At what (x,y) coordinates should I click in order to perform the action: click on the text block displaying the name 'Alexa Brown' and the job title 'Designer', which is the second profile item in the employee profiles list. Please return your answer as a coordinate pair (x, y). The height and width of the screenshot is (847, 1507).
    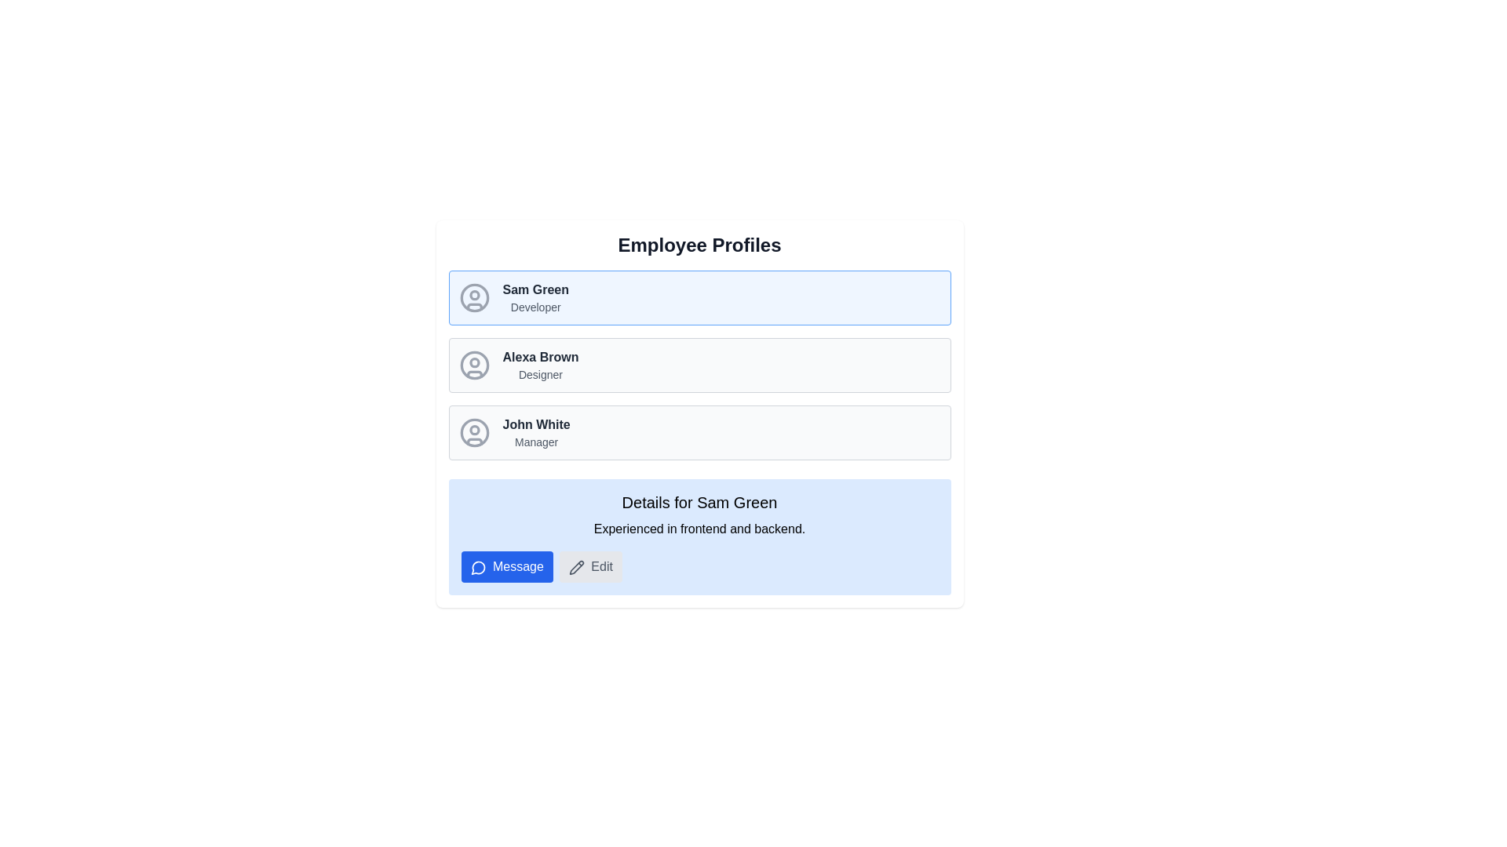
    Looking at the image, I should click on (540, 365).